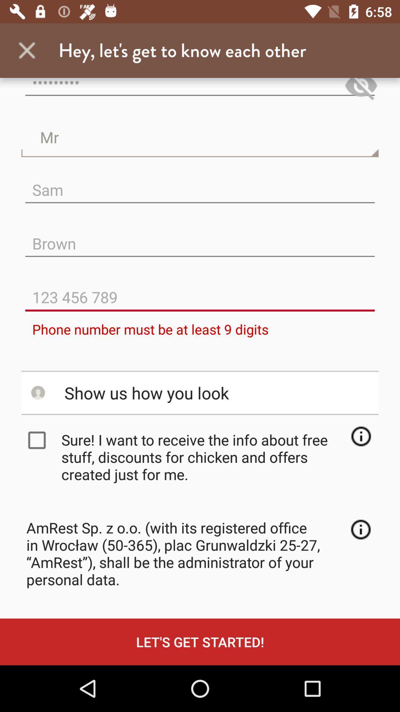 The height and width of the screenshot is (712, 400). I want to click on the text field which has brown in it, so click(200, 238).